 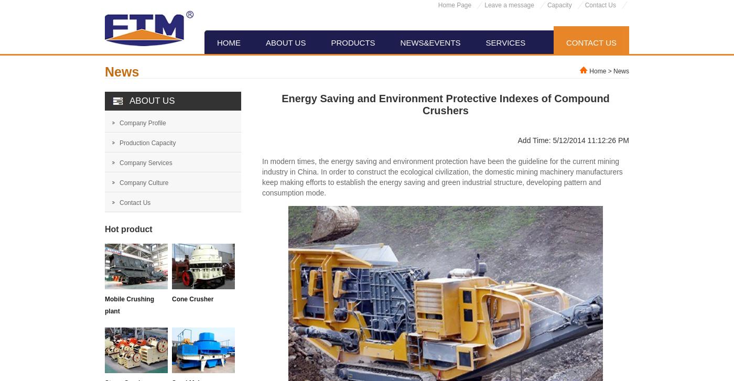 What do you see at coordinates (445, 104) in the screenshot?
I see `'Energy Saving and Environment Protective Indexes of Compound Crushers'` at bounding box center [445, 104].